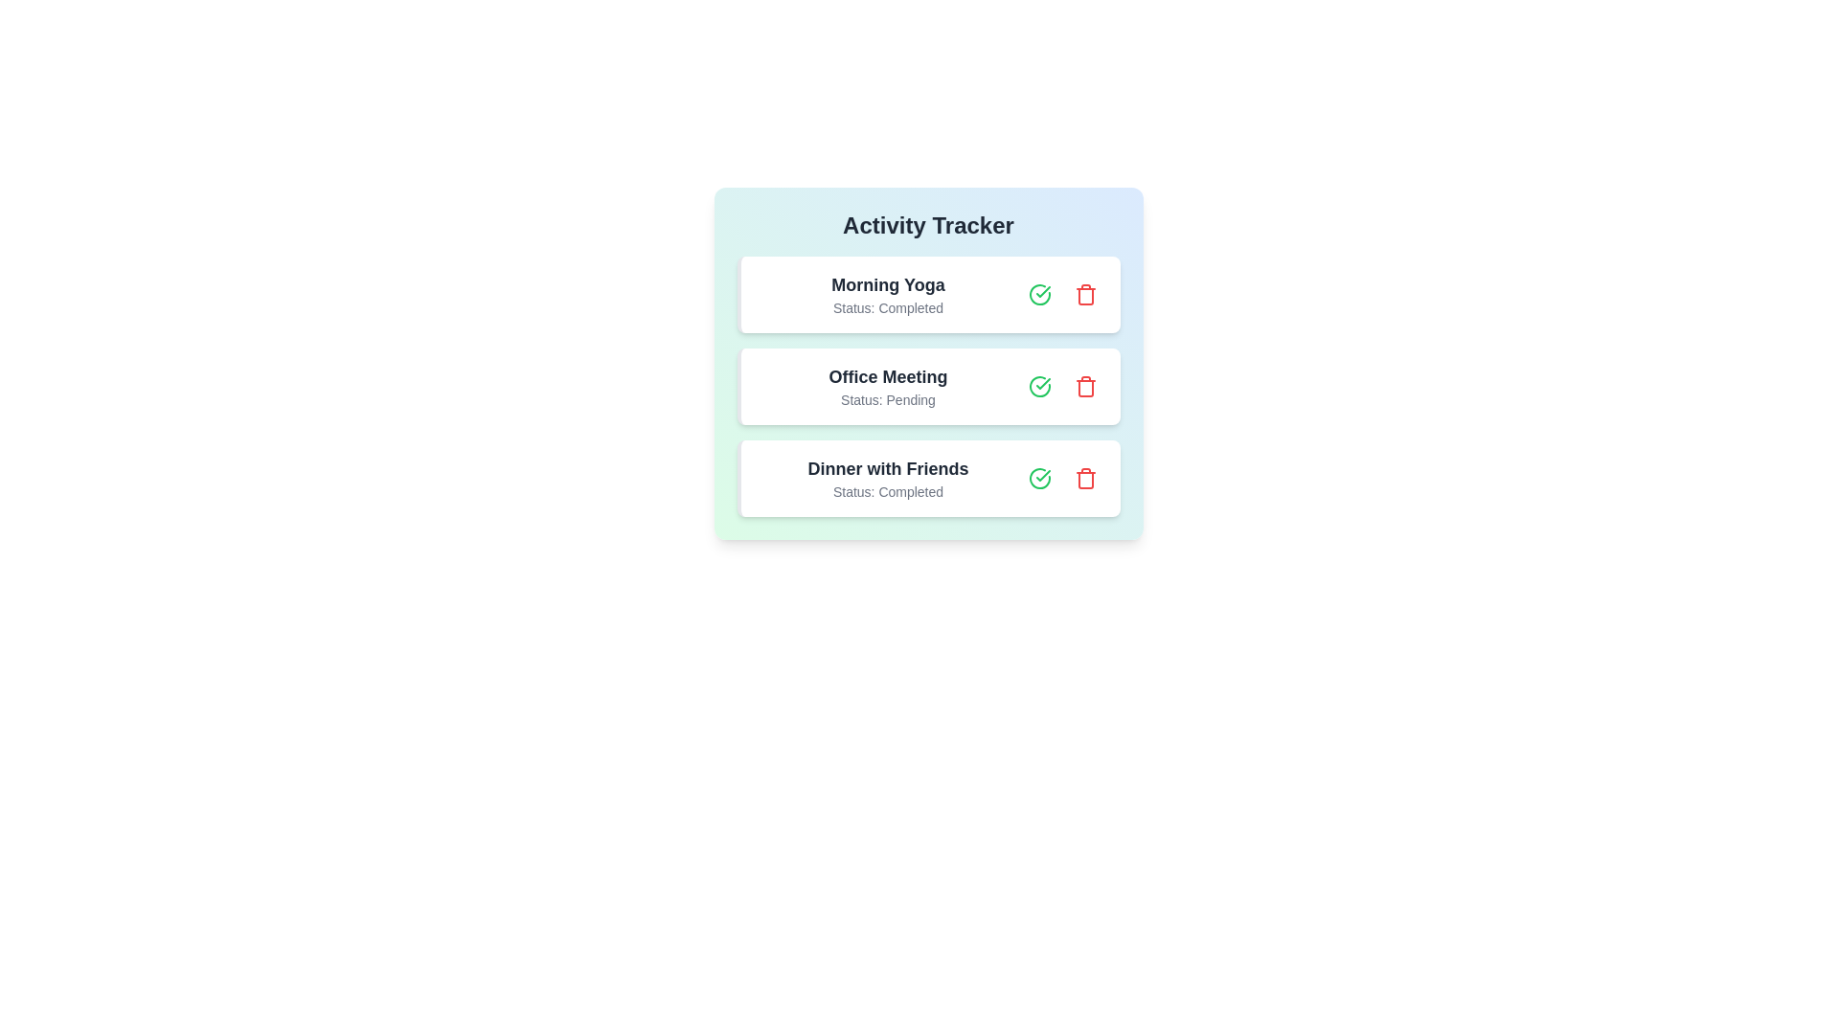 The height and width of the screenshot is (1034, 1839). What do you see at coordinates (928, 387) in the screenshot?
I see `the activity item Office Meeting to observe the hover effect` at bounding box center [928, 387].